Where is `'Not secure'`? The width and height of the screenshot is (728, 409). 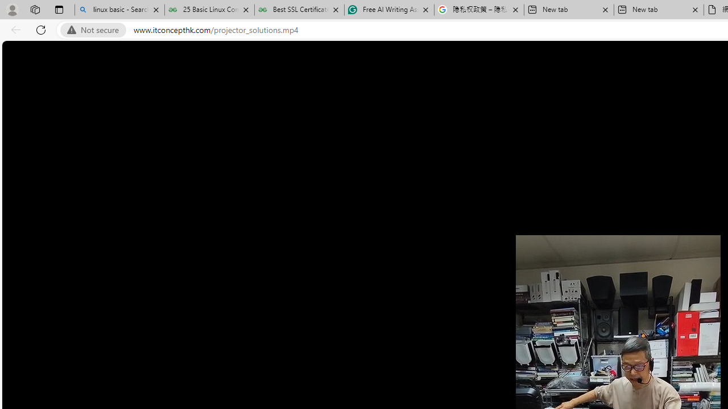 'Not secure' is located at coordinates (96, 30).